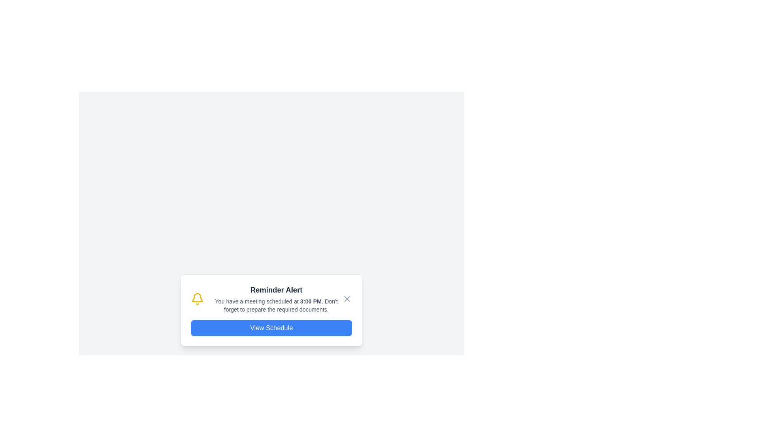 Image resolution: width=777 pixels, height=437 pixels. Describe the element at coordinates (347, 299) in the screenshot. I see `the close button on the reminder alert notification` at that location.